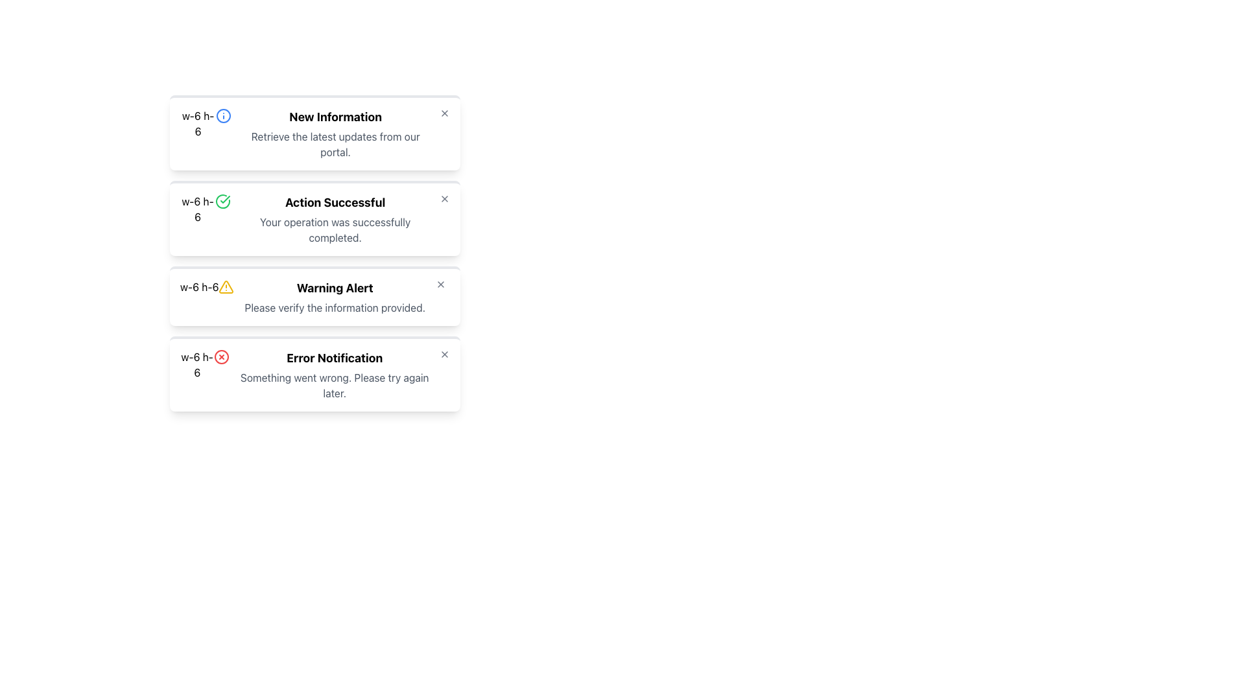  What do you see at coordinates (335, 297) in the screenshot?
I see `warning message from the third notification box, which alerts users to verify the information they have entered` at bounding box center [335, 297].